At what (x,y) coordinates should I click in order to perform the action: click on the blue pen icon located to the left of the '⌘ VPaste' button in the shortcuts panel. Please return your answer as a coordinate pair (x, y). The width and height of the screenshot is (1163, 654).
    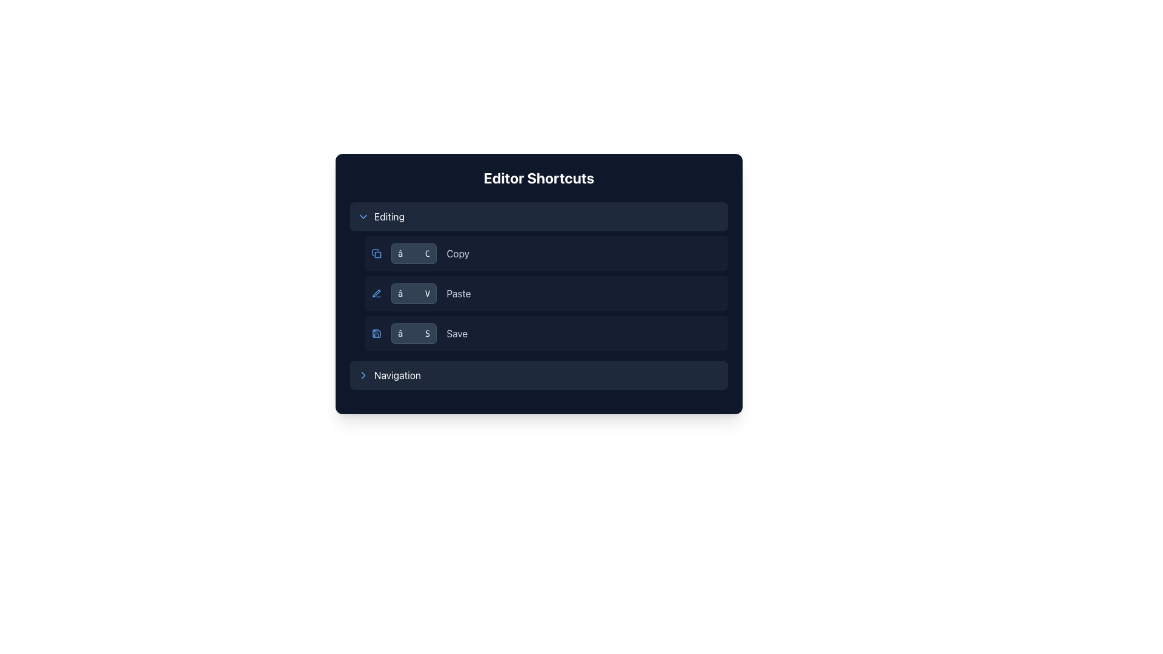
    Looking at the image, I should click on (376, 294).